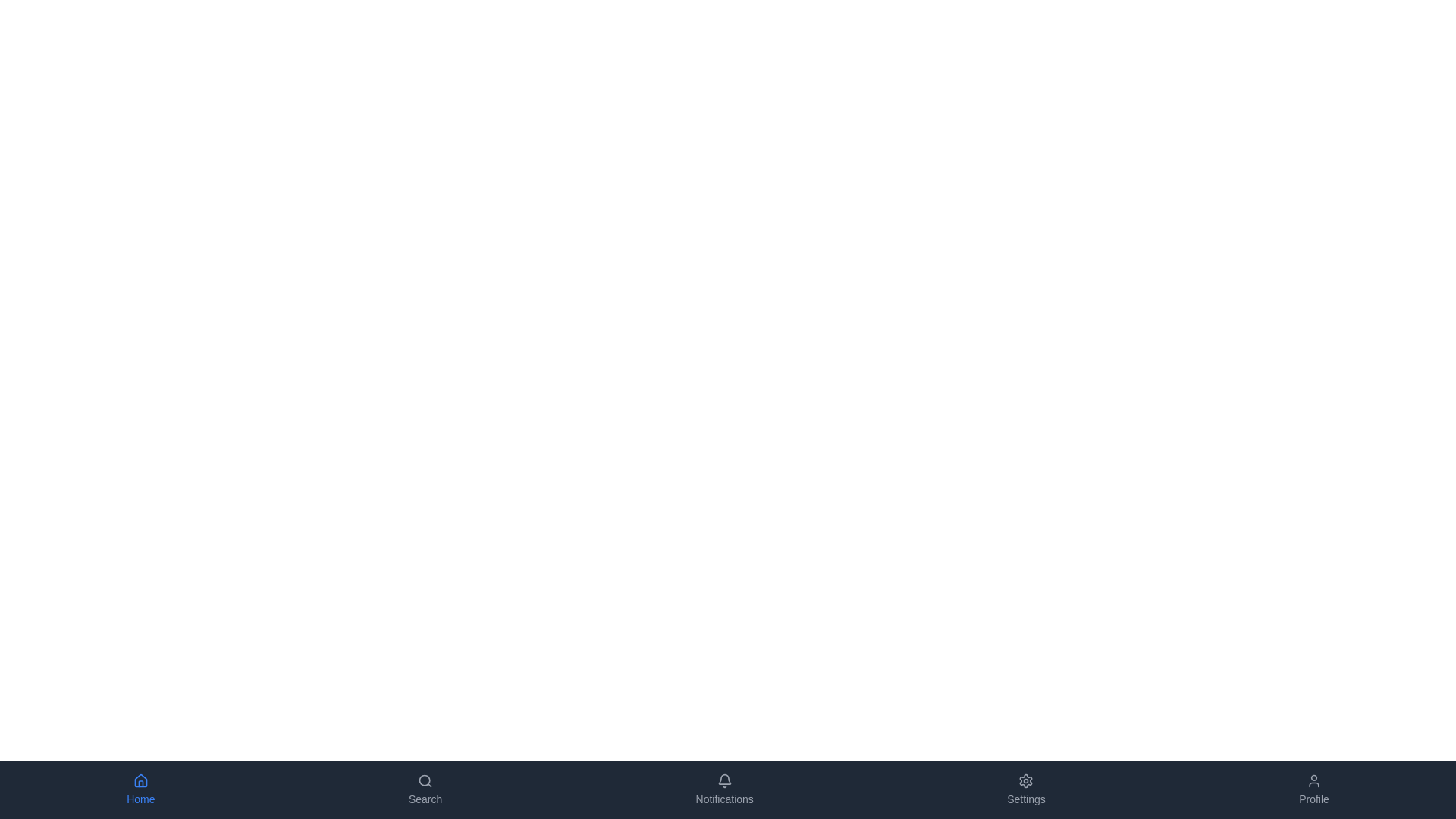  Describe the element at coordinates (425, 780) in the screenshot. I see `the 'Search' icon in the bottom navigation bar, which visually represents the interactive 'Search' functionality and indicates its active status` at that location.